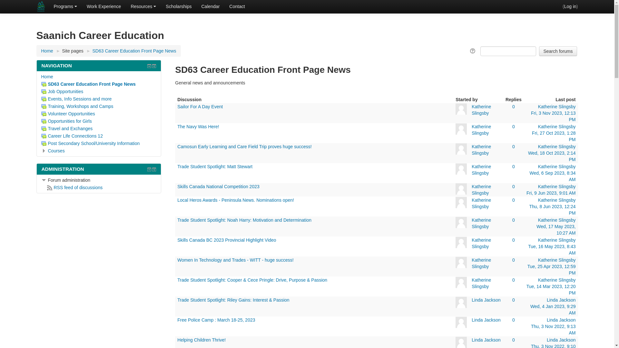 The width and height of the screenshot is (619, 348). Describe the element at coordinates (177, 340) in the screenshot. I see `'Helping Children Thrive!'` at that location.